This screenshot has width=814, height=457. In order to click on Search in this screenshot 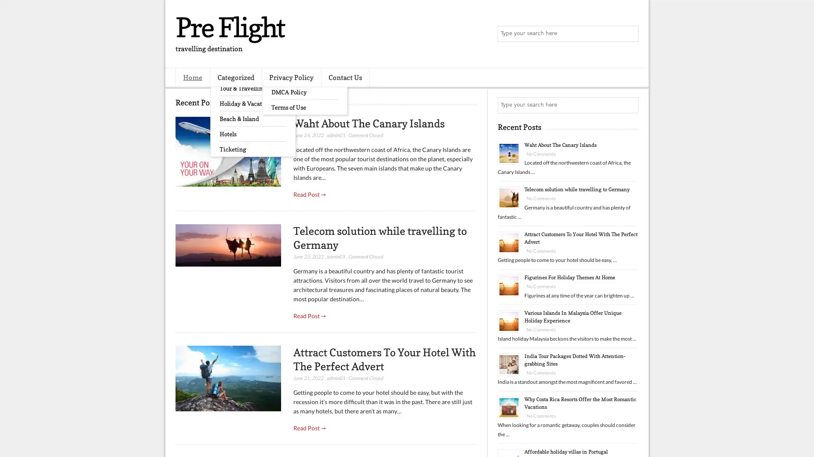, I will do `click(630, 105)`.